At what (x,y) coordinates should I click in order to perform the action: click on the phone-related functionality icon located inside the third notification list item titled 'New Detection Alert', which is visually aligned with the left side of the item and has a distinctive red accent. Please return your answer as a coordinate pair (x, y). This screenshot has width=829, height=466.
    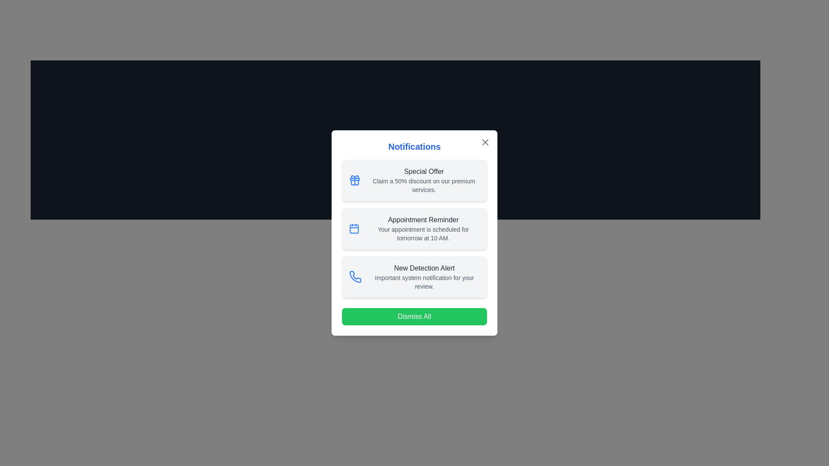
    Looking at the image, I should click on (355, 277).